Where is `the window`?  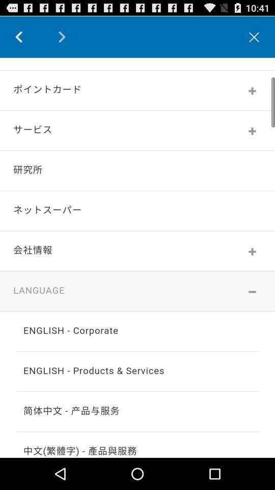
the window is located at coordinates (254, 37).